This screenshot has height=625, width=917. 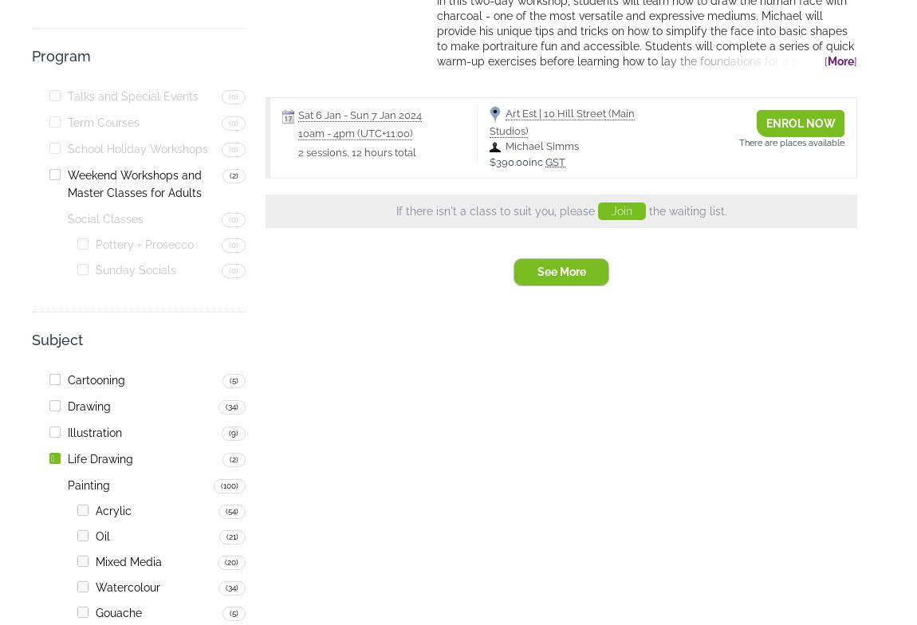 I want to click on 'Pottery + Prosecco', so click(x=144, y=245).